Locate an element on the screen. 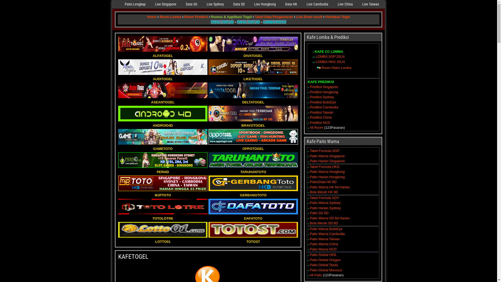  'Bandar Judi Online Terpercaya lotto01' is located at coordinates (163, 229).